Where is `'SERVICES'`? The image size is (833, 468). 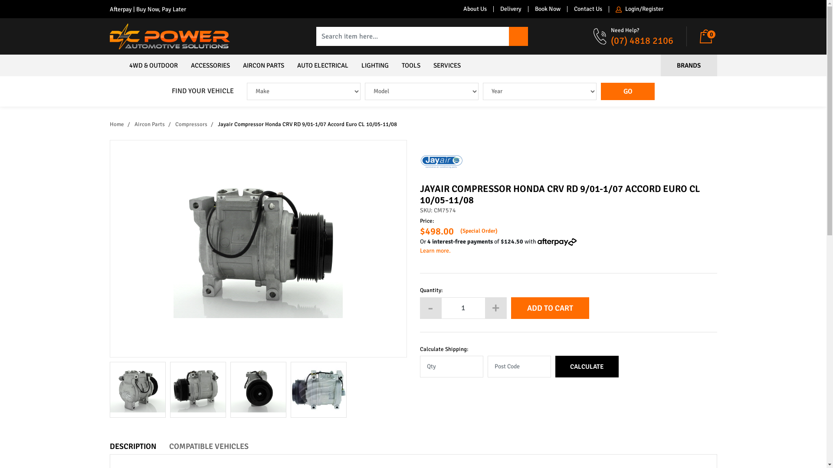 'SERVICES' is located at coordinates (447, 65).